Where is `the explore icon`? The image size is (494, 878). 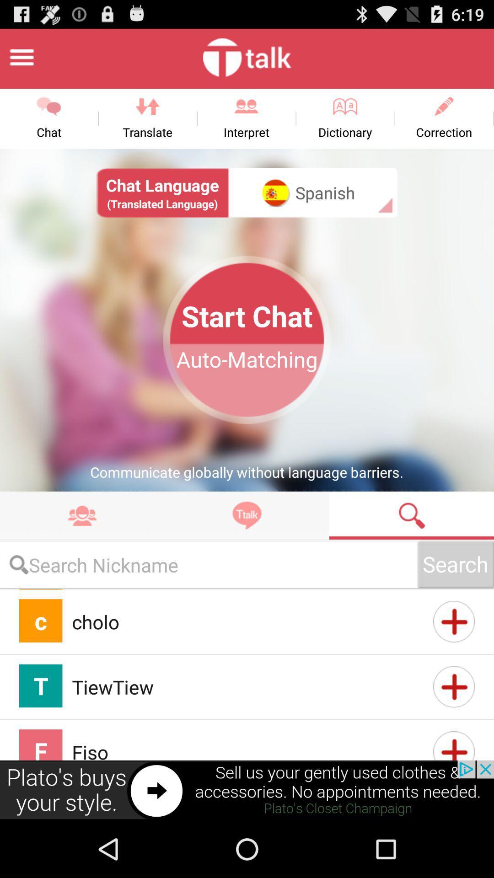
the explore icon is located at coordinates (247, 551).